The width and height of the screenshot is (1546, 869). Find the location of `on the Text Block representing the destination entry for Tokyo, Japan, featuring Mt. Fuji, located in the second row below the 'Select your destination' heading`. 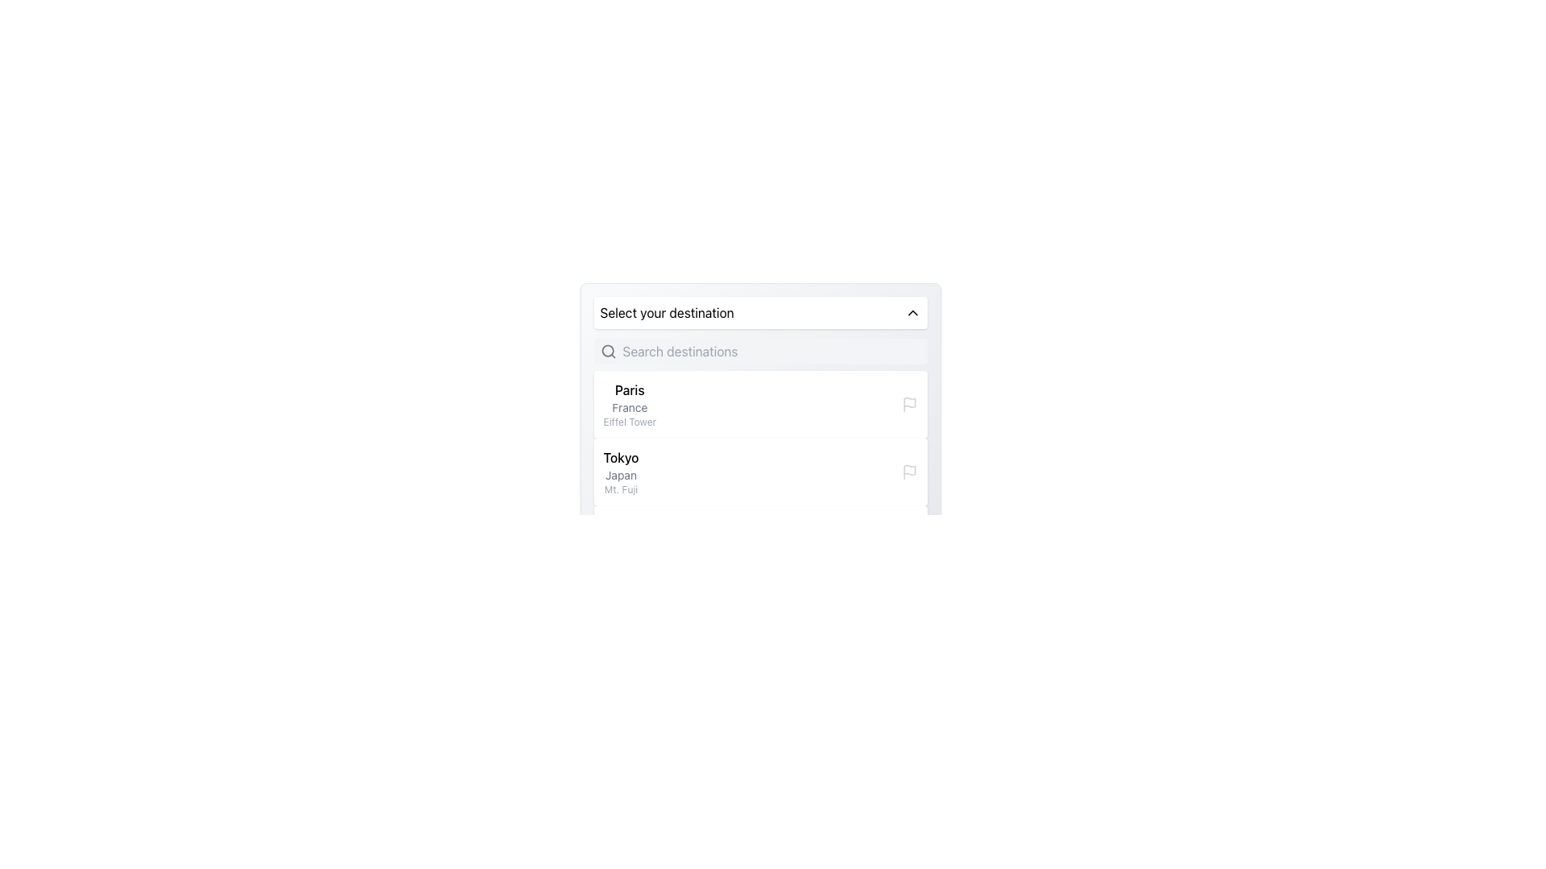

on the Text Block representing the destination entry for Tokyo, Japan, featuring Mt. Fuji, located in the second row below the 'Select your destination' heading is located at coordinates (620, 471).